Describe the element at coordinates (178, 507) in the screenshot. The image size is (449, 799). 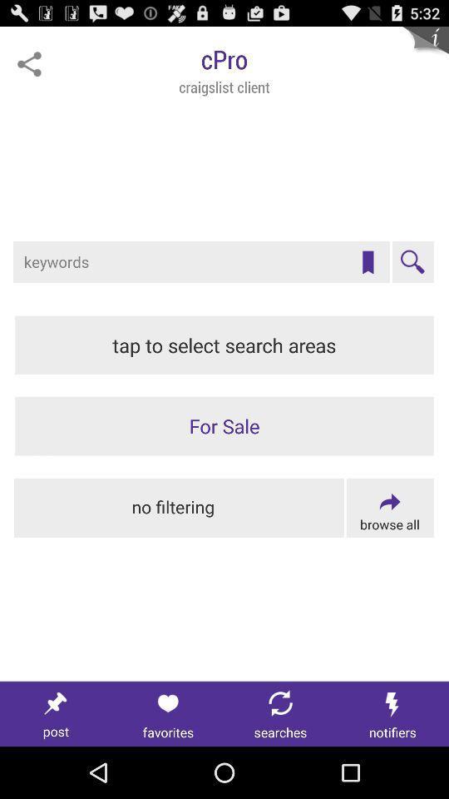
I see `stop filtering` at that location.